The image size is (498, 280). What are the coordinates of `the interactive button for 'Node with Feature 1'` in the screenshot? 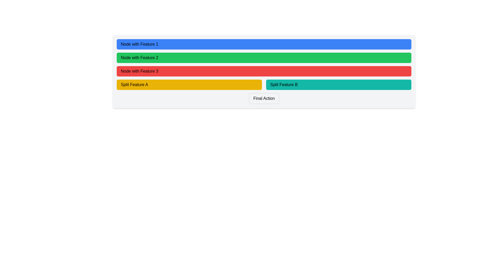 It's located at (264, 44).